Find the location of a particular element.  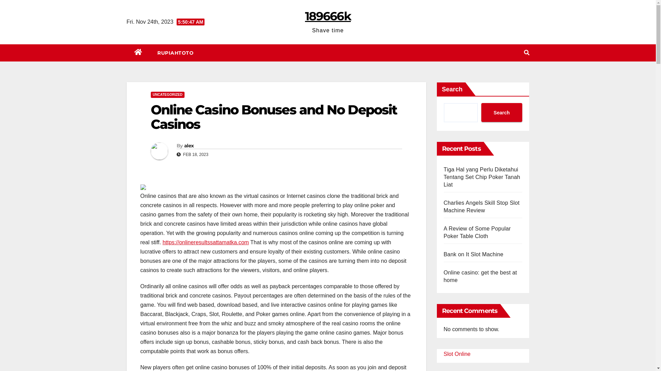

'Slot Online' is located at coordinates (443, 354).